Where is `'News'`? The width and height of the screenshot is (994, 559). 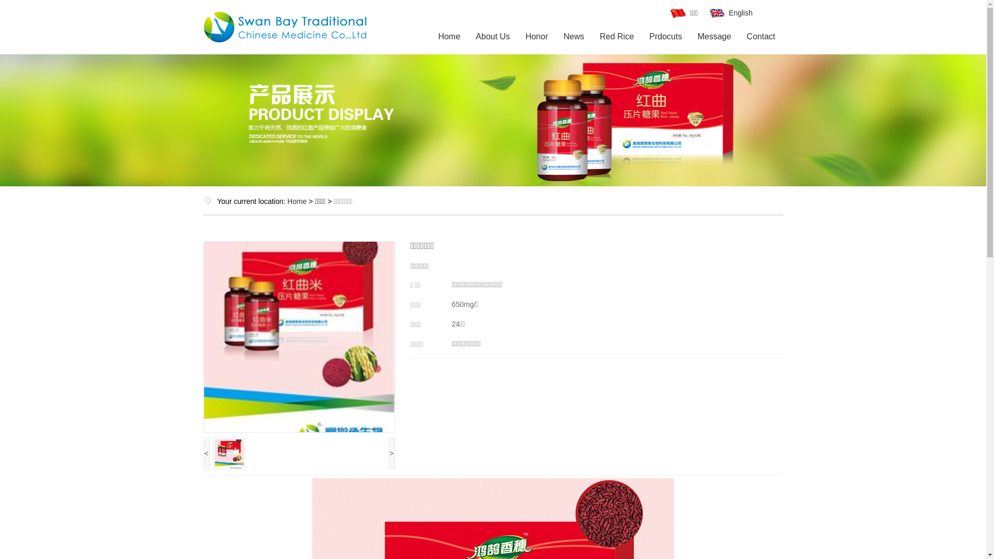
'News' is located at coordinates (573, 36).